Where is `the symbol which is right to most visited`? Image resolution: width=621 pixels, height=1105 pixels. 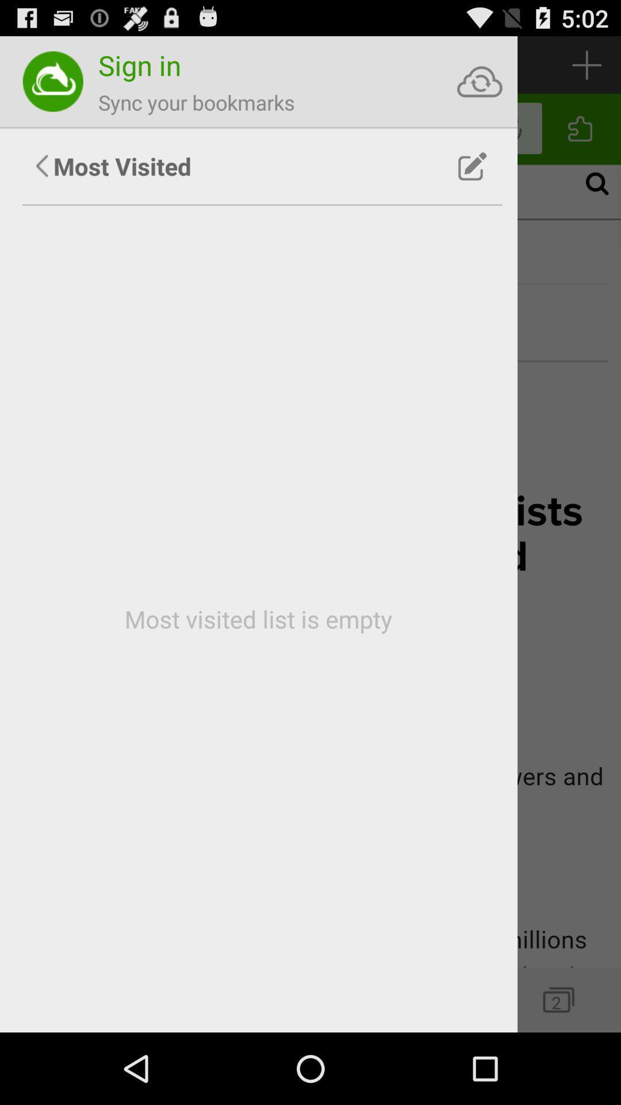
the symbol which is right to most visited is located at coordinates (473, 166).